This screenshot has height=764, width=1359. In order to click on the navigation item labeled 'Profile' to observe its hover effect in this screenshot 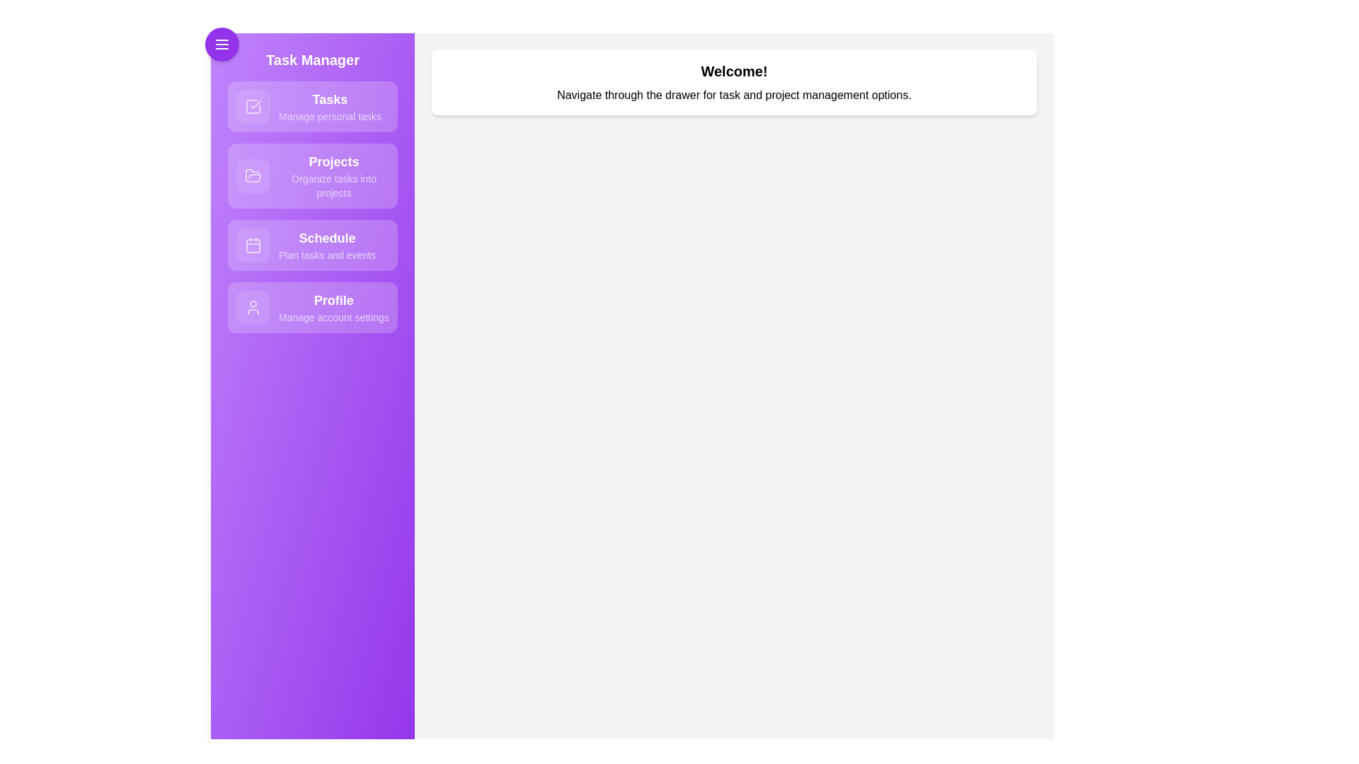, I will do `click(311, 307)`.